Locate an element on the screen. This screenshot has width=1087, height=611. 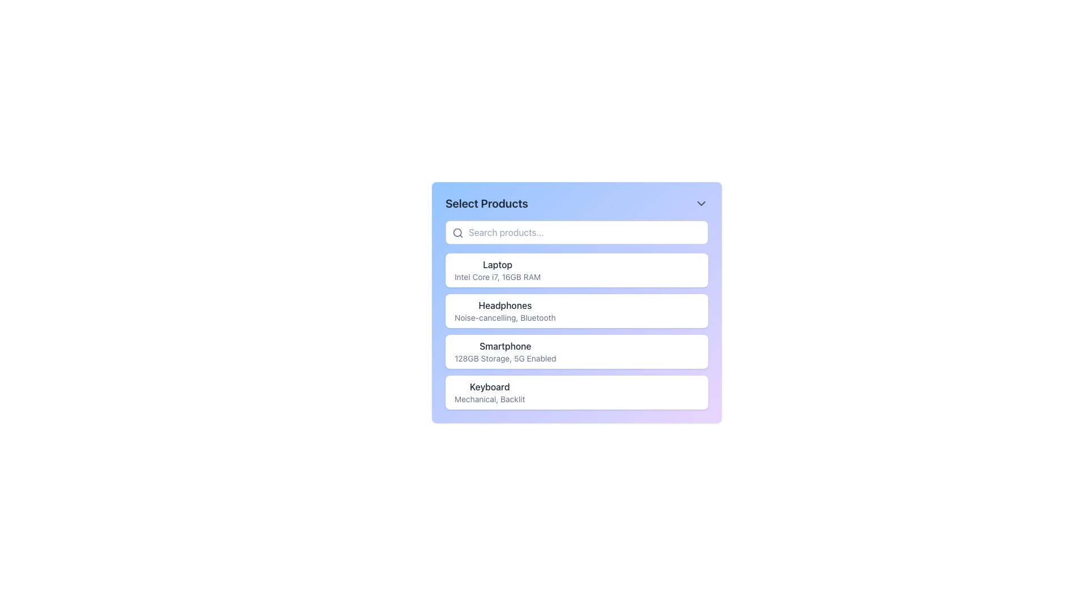
the Text description block displaying 'Smartphone' with details '128GB Storage, 5G Enabled', located in the product selection list under 'Select Products' is located at coordinates (504, 351).